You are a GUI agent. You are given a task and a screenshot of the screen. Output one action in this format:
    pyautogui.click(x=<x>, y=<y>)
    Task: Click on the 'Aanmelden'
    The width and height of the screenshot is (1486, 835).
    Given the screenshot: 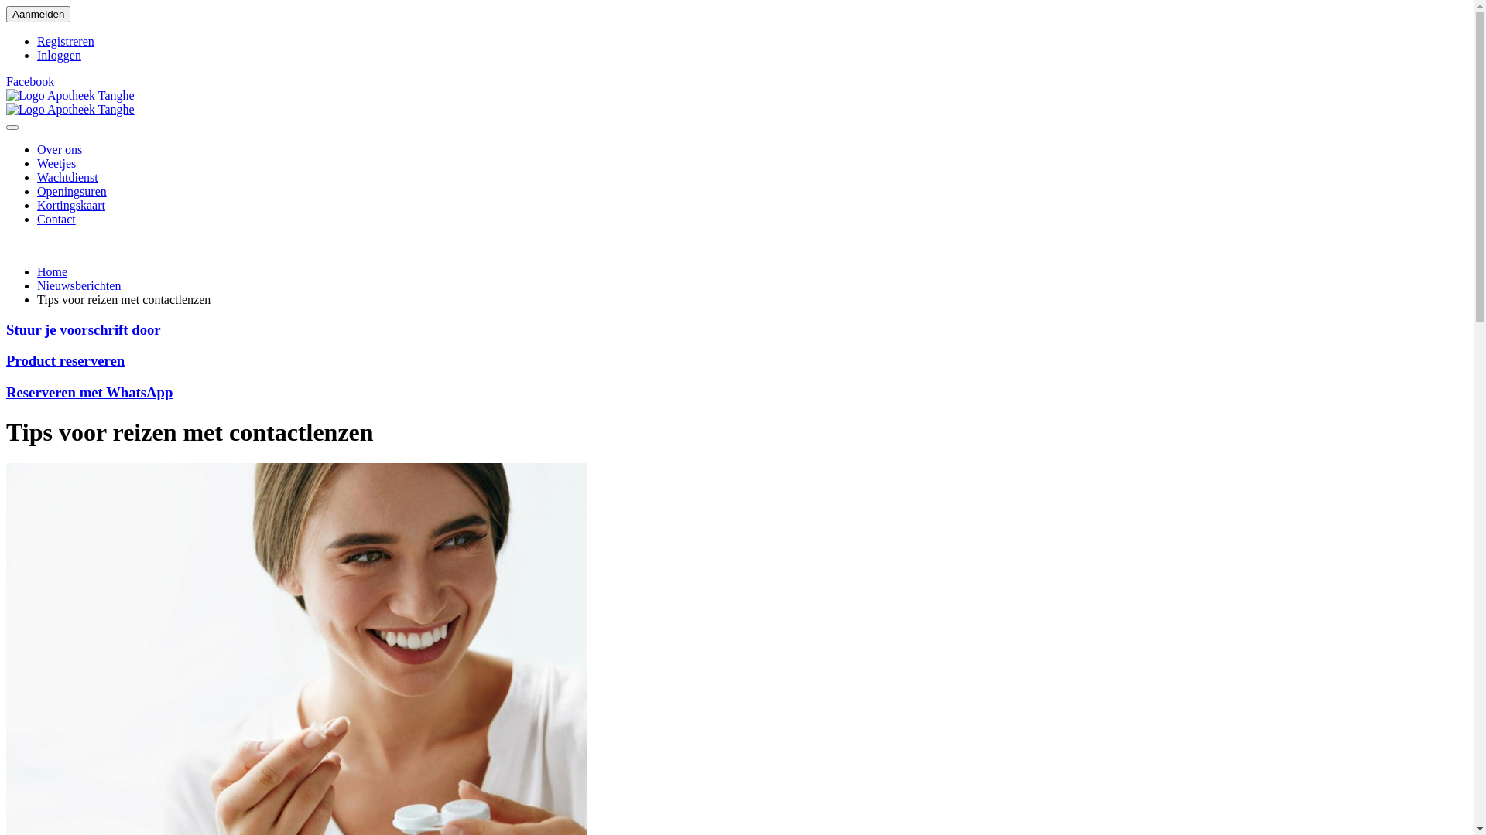 What is the action you would take?
    pyautogui.click(x=38, y=14)
    